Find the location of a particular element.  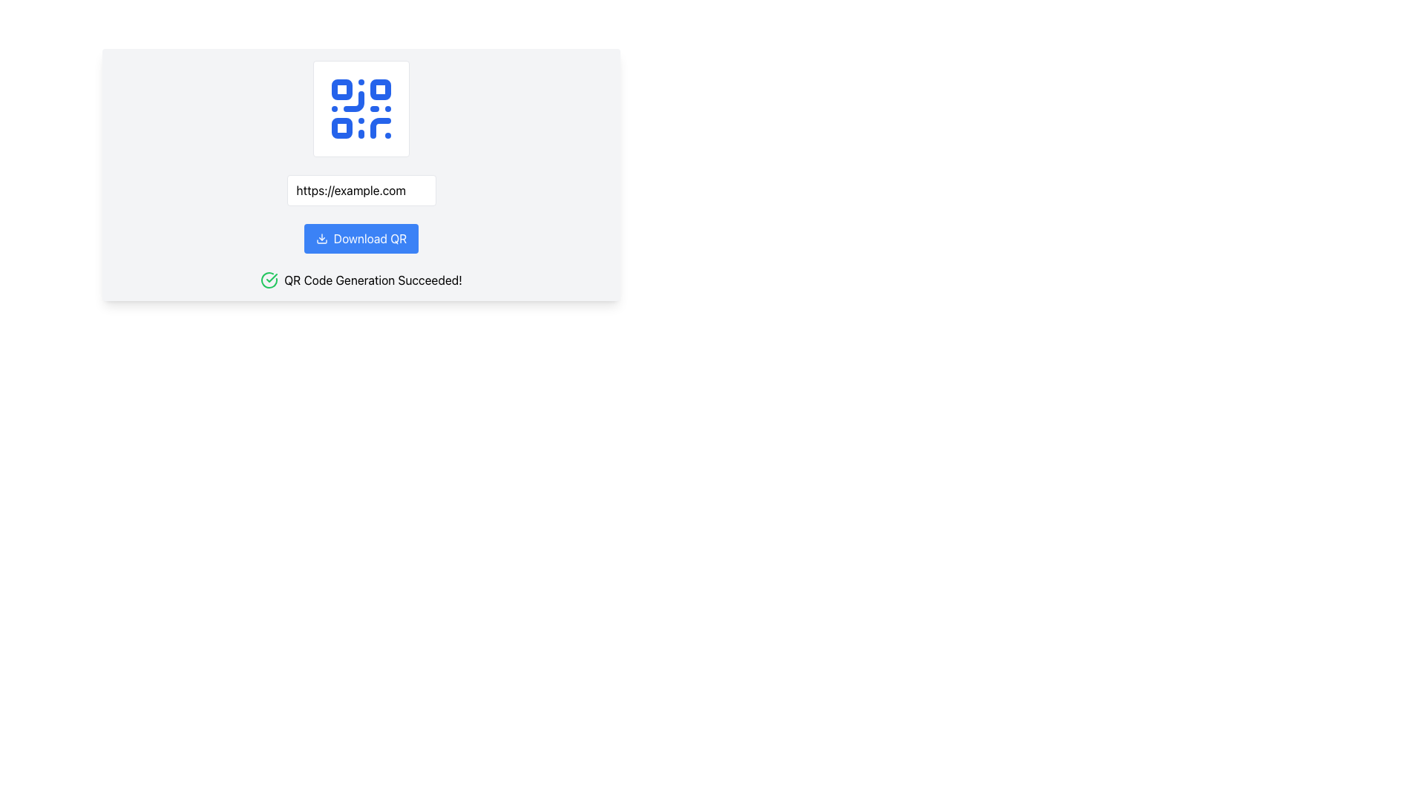

the small rectangular box with rounded corners located in the top-left corner of the QR code image is located at coordinates (341, 89).